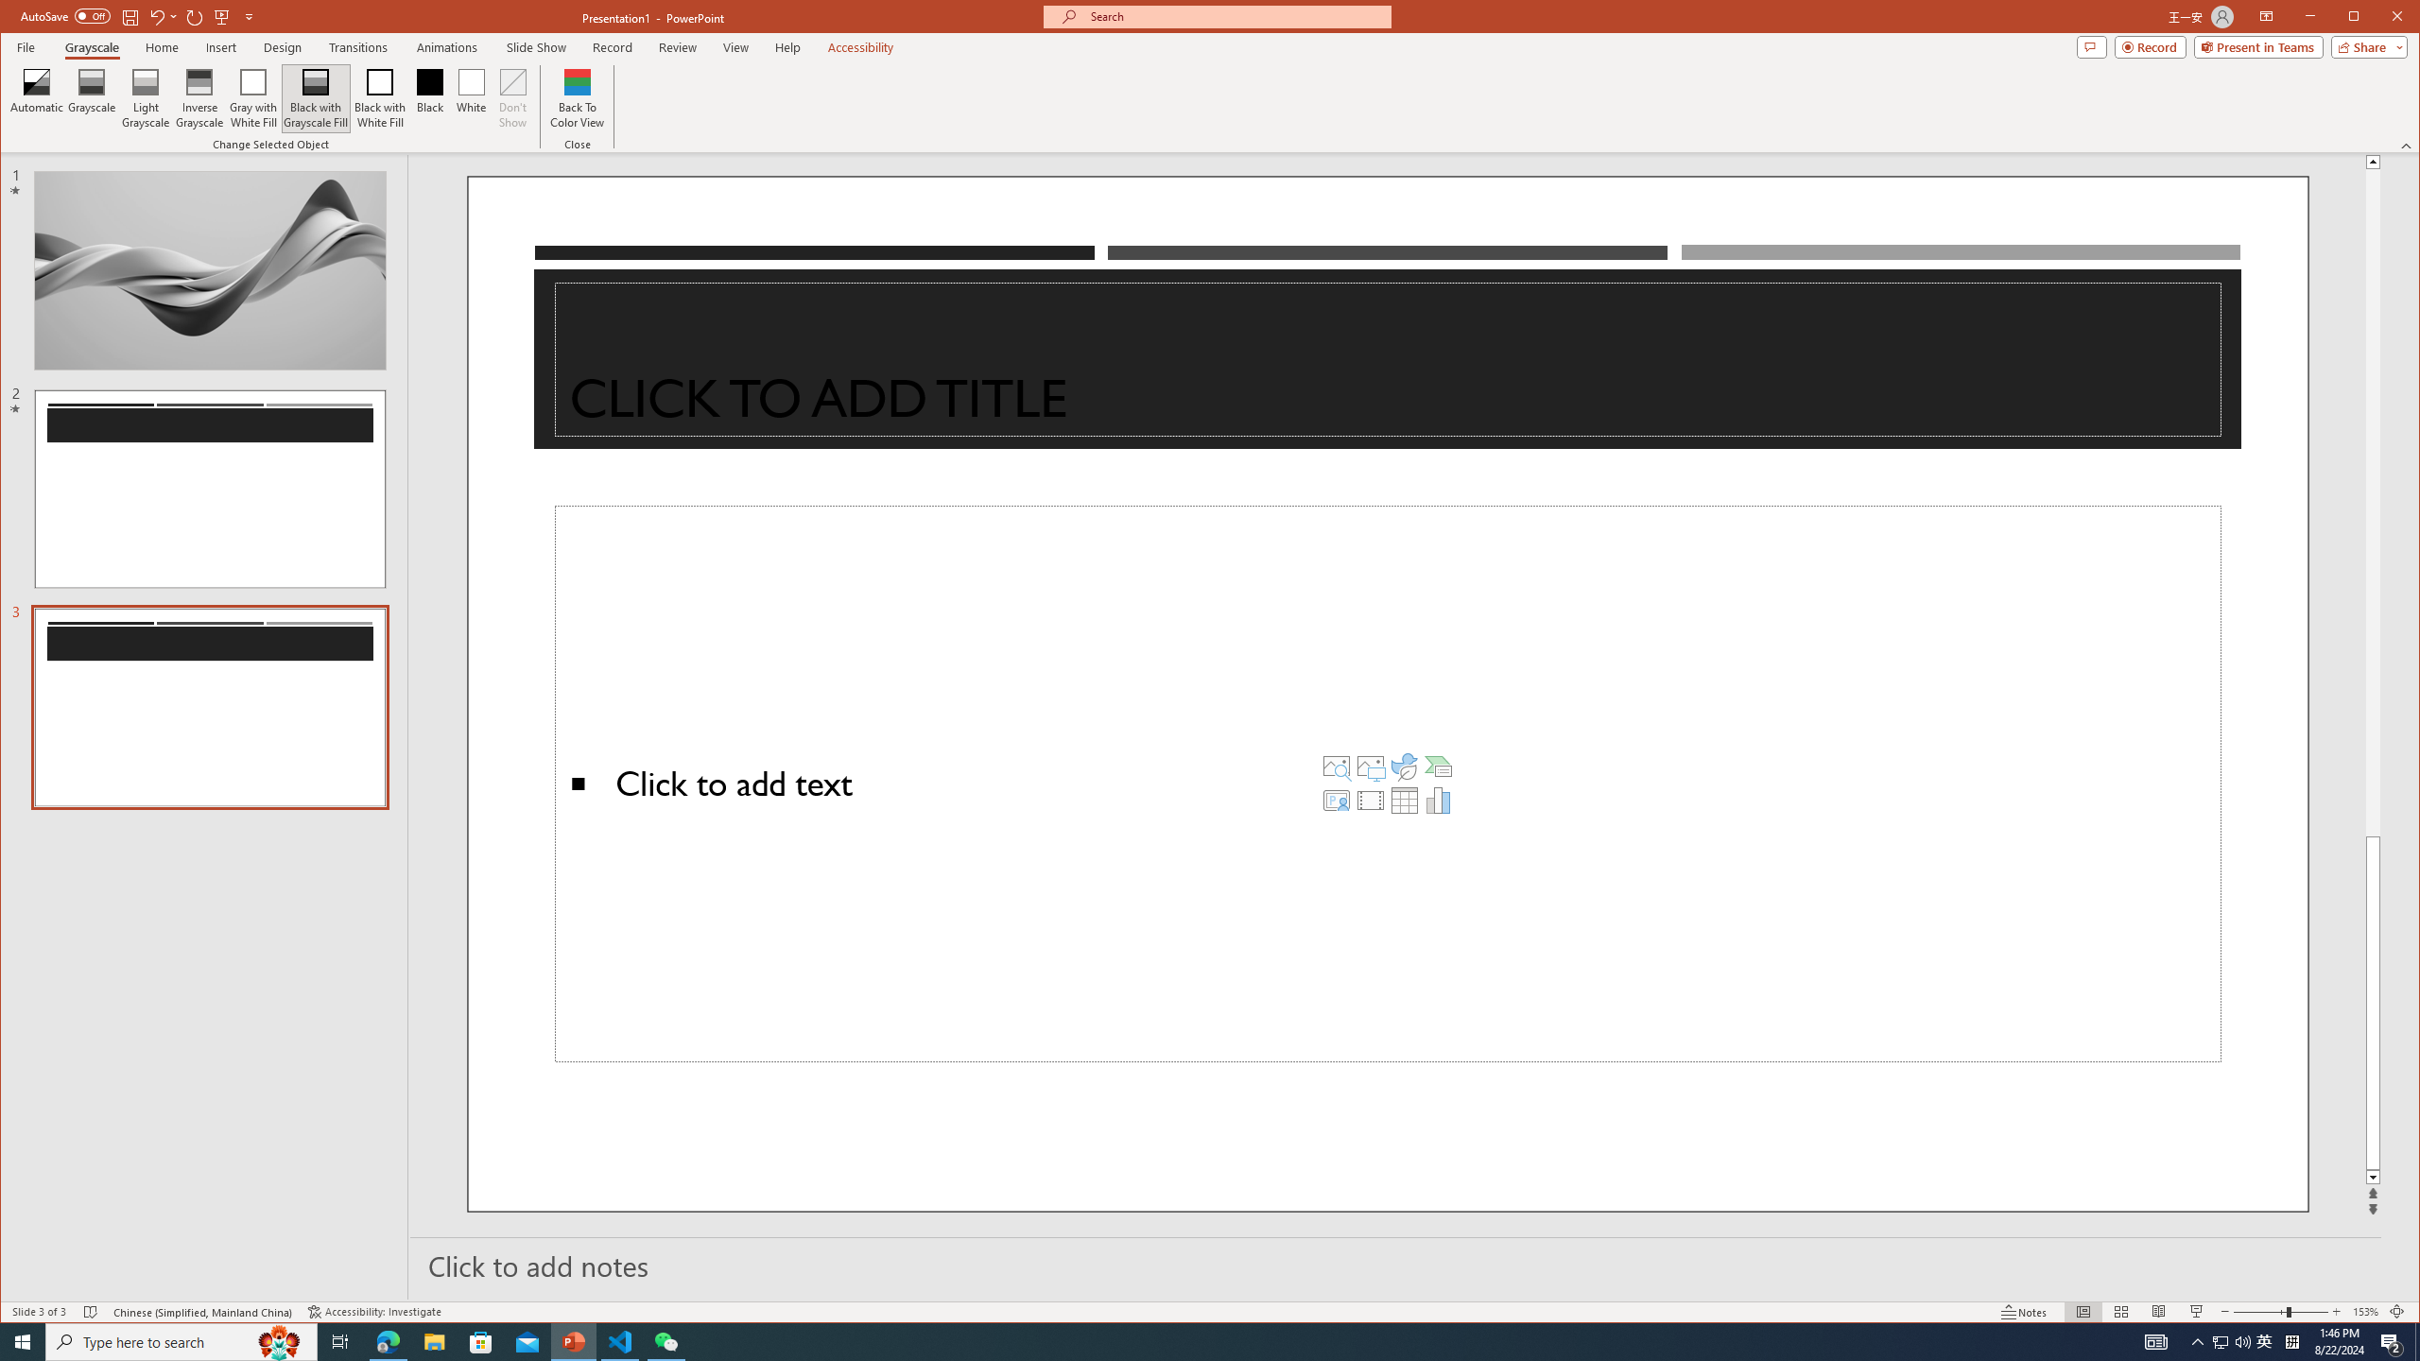 The height and width of the screenshot is (1361, 2420). What do you see at coordinates (23, 1340) in the screenshot?
I see `'Start'` at bounding box center [23, 1340].